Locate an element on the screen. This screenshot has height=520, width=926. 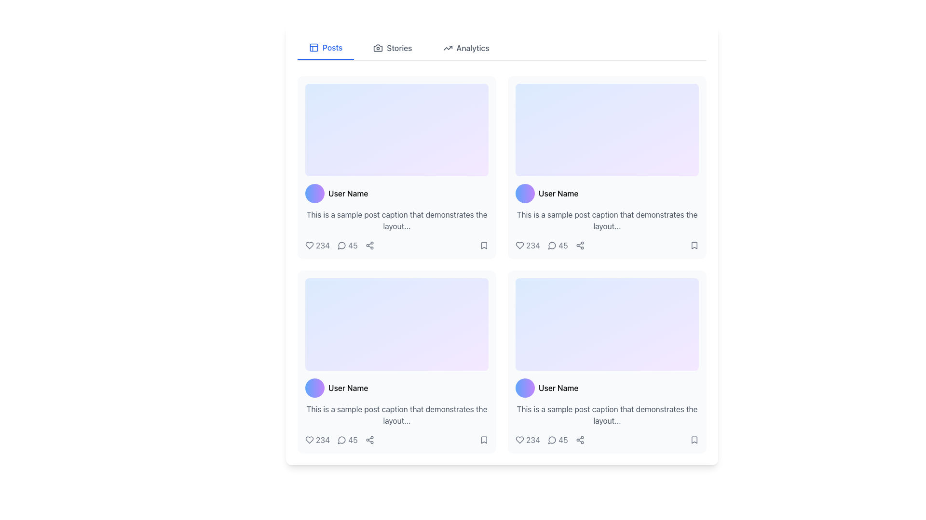
the share button, which is the third icon in a row of interactive elements in the footer section of a content card, located directly to the right of the comment count indicator showing '45' is located at coordinates (579, 440).